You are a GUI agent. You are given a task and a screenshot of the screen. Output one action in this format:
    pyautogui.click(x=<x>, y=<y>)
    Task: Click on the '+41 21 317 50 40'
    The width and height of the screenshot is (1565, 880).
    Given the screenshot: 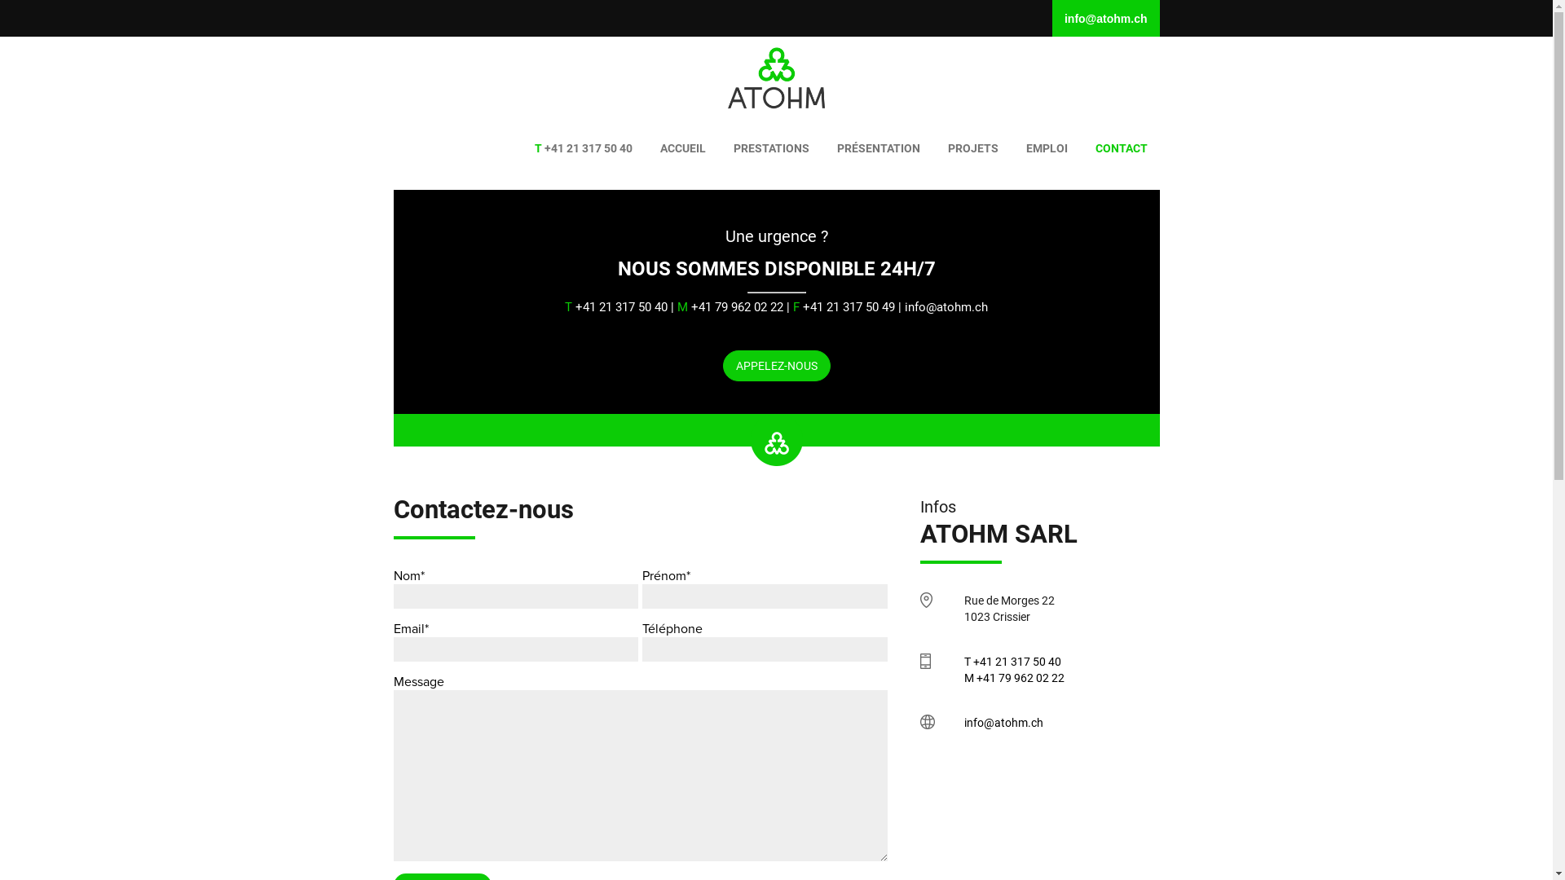 What is the action you would take?
    pyautogui.click(x=583, y=147)
    